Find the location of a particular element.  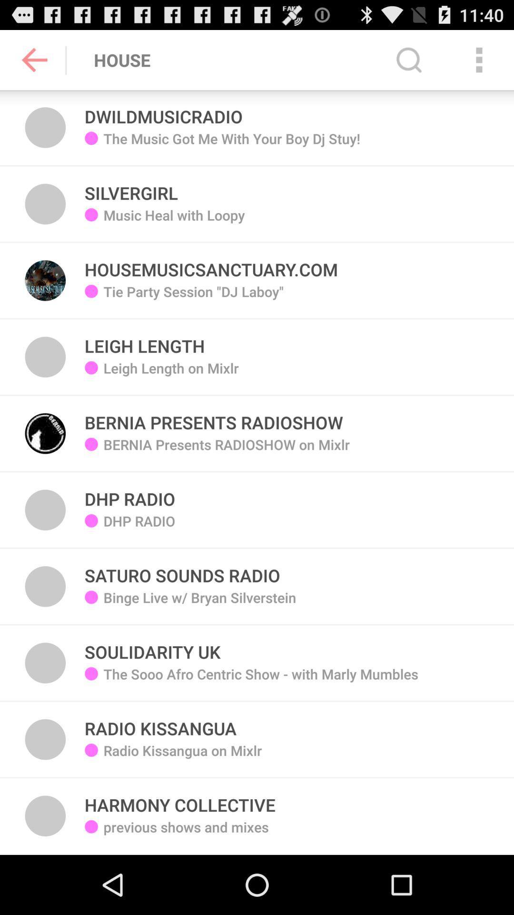

item below the binge live w icon is located at coordinates (261, 681).